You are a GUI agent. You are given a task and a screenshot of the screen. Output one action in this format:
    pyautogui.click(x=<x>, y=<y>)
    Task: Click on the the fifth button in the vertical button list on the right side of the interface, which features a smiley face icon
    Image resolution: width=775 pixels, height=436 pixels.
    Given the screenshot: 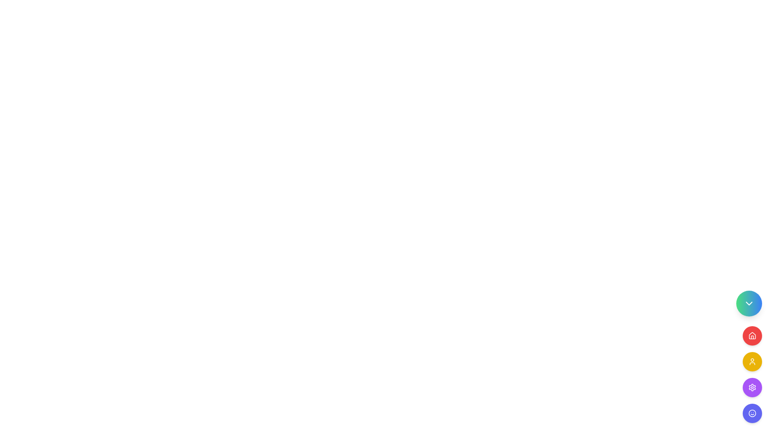 What is the action you would take?
    pyautogui.click(x=752, y=413)
    